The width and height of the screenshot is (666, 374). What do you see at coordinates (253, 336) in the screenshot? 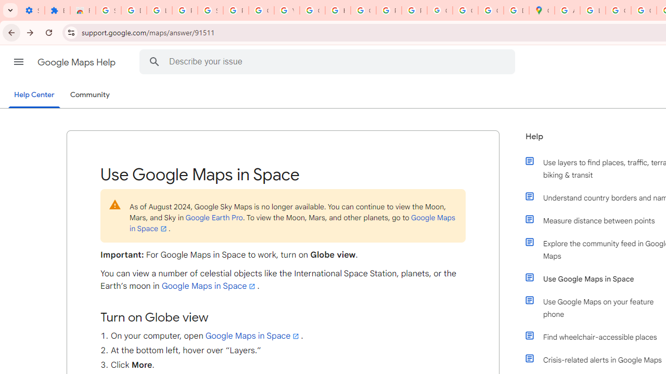
I see `'Google Maps in Space'` at bounding box center [253, 336].